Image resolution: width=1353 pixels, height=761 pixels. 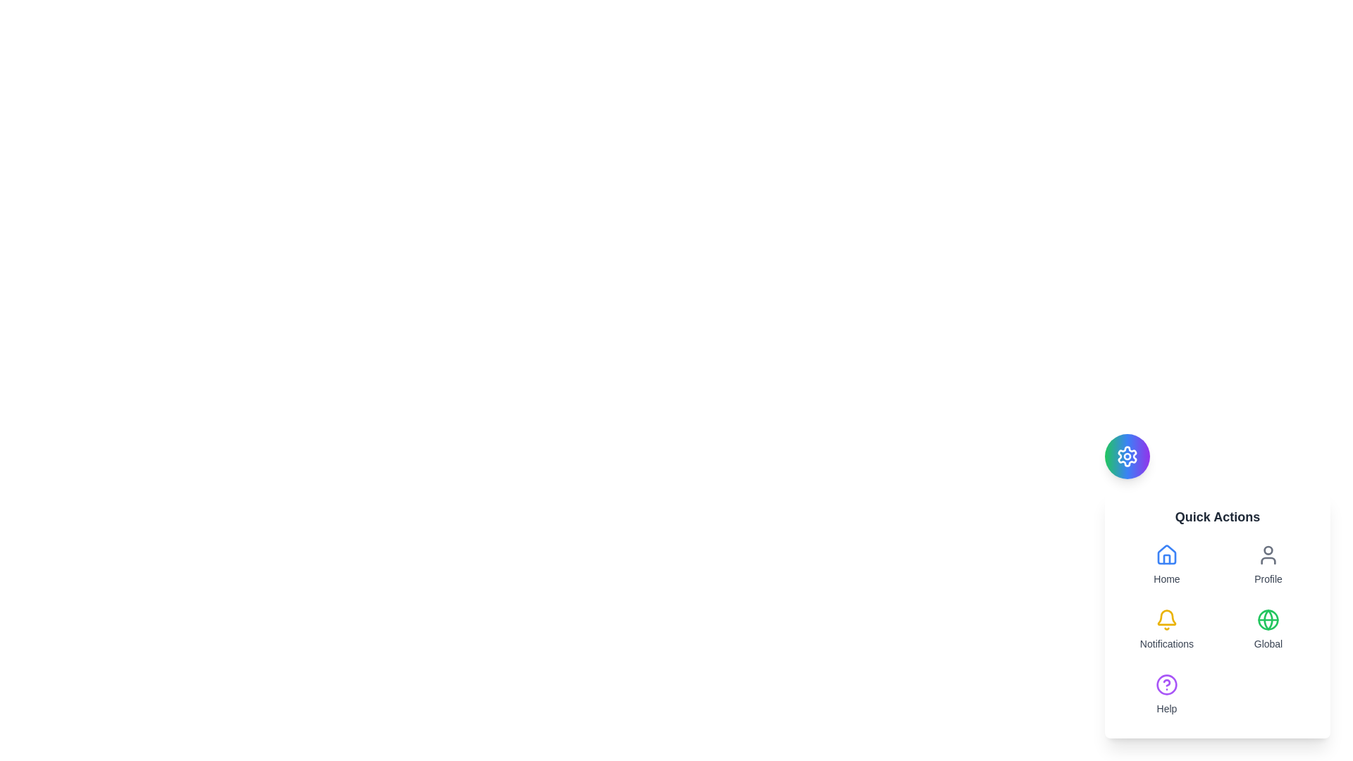 What do you see at coordinates (1167, 553) in the screenshot?
I see `the 'Home' icon located in the top left corner of the 'Quick Actions' section, which serves as a button or link to direct the user to the homepage` at bounding box center [1167, 553].